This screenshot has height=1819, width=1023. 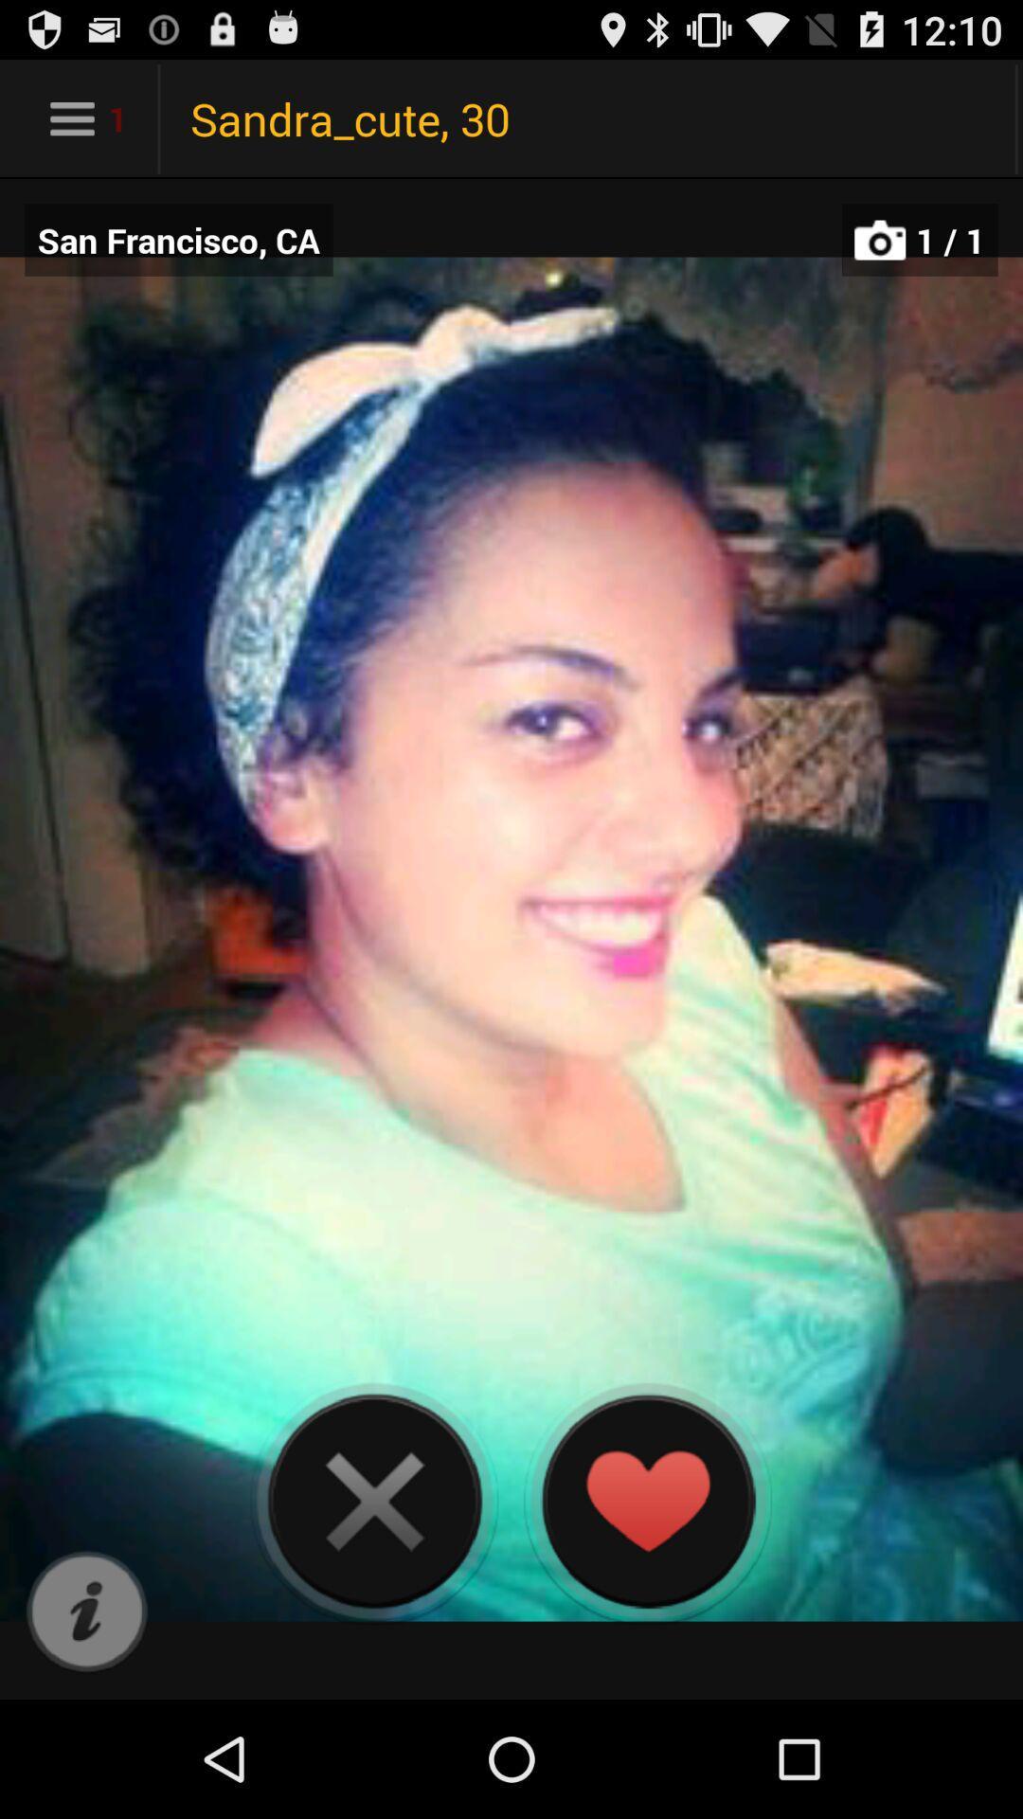 What do you see at coordinates (646, 1500) in the screenshot?
I see `to favorite` at bounding box center [646, 1500].